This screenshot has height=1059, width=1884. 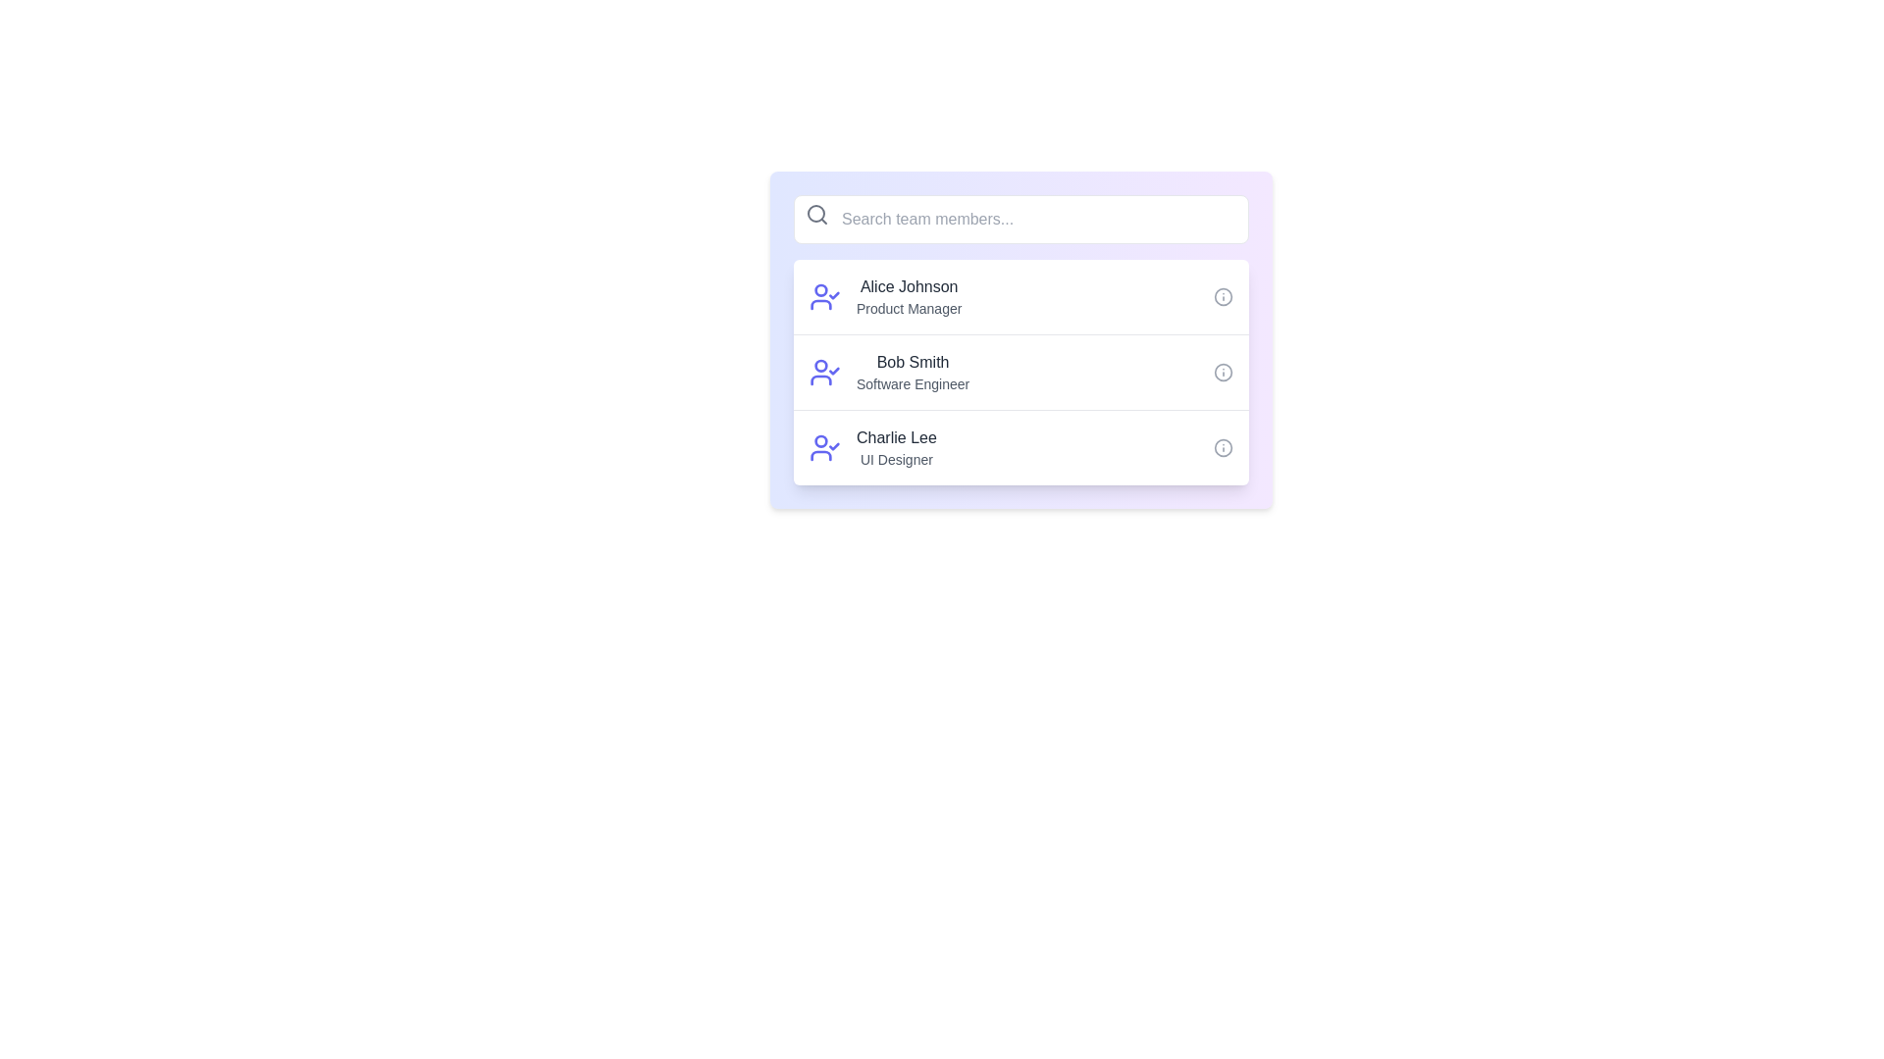 What do you see at coordinates (888, 373) in the screenshot?
I see `the list item displaying the name 'Bob Smith'` at bounding box center [888, 373].